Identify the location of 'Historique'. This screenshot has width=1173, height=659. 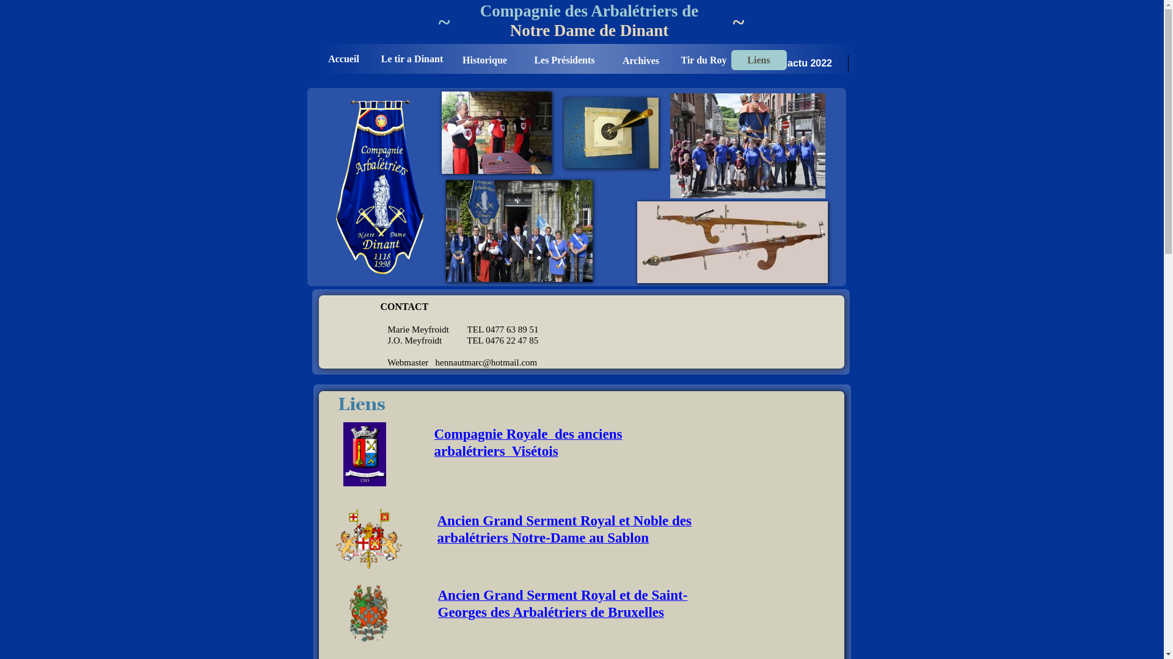
(484, 60).